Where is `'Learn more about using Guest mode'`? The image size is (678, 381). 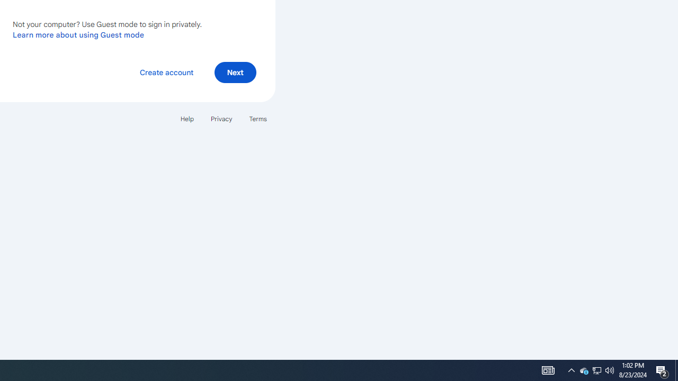 'Learn more about using Guest mode' is located at coordinates (78, 34).